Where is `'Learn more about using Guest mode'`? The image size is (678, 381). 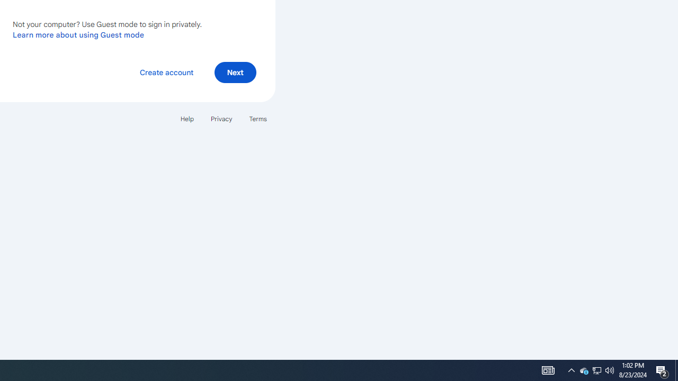 'Learn more about using Guest mode' is located at coordinates (78, 34).